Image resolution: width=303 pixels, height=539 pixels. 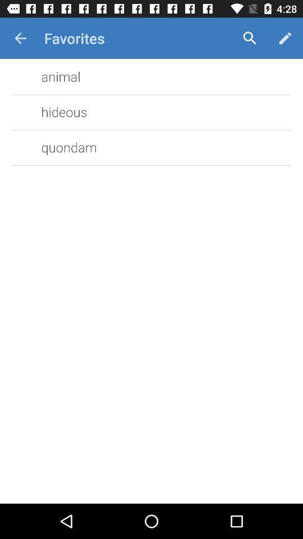 I want to click on app next to favorites app, so click(x=250, y=38).